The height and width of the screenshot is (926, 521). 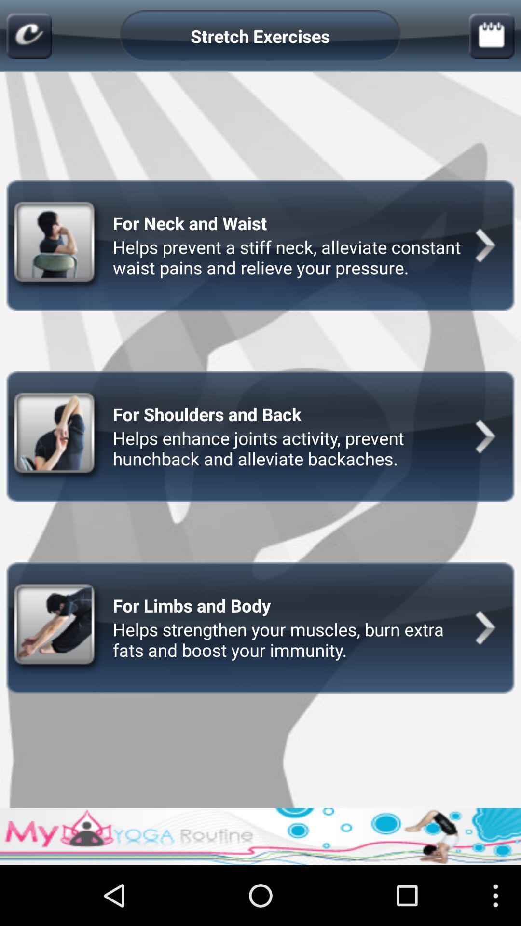 I want to click on the third image of the page, so click(x=57, y=627).